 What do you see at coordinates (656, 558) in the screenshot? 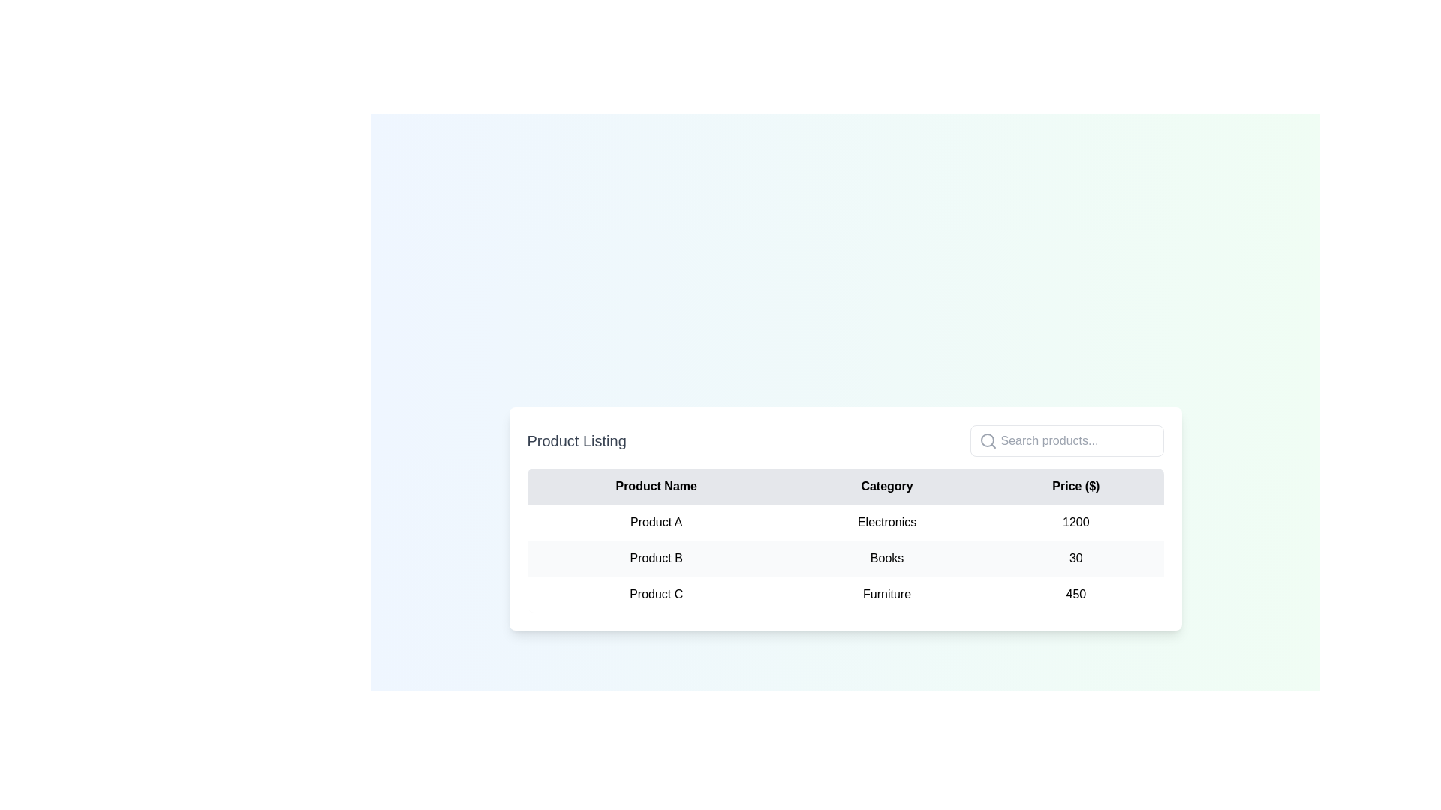
I see `the static text element displaying 'Product B' in the second row of the product listing table, located under the 'Product Name' column` at bounding box center [656, 558].